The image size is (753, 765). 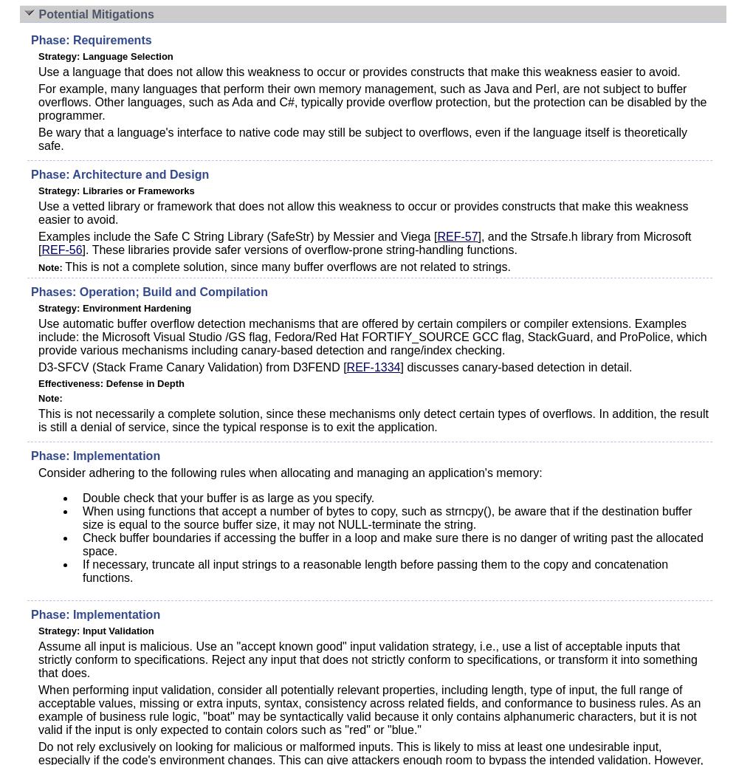 What do you see at coordinates (38, 56) in the screenshot?
I see `'Strategy:  Language Selection'` at bounding box center [38, 56].